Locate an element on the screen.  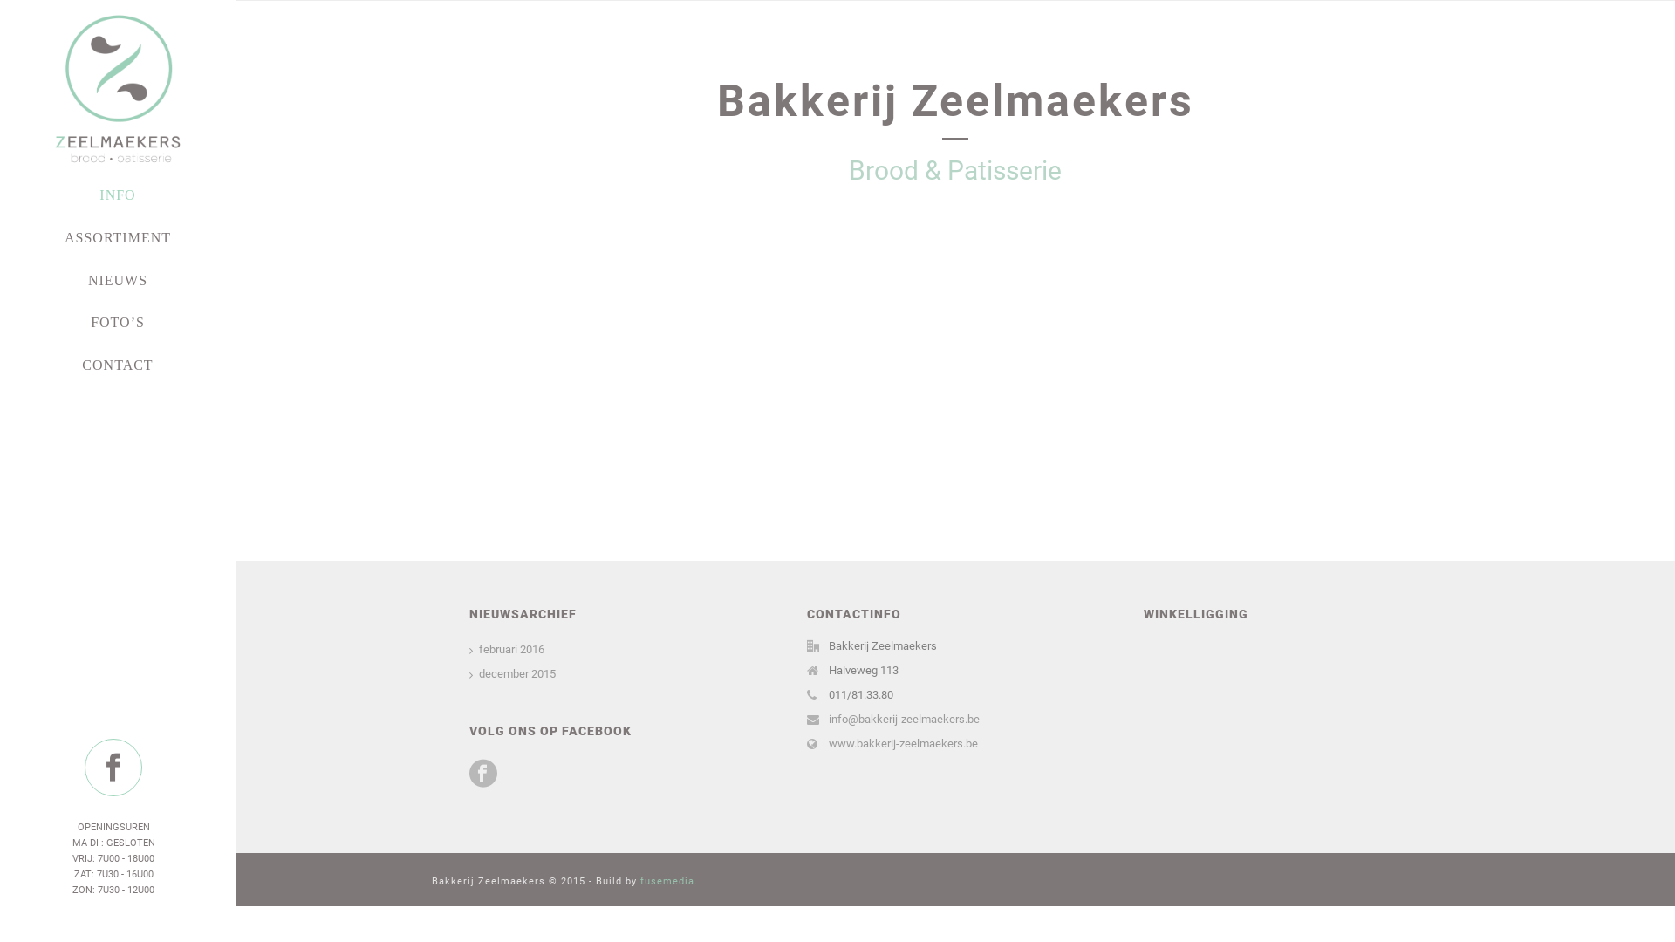
'info@bakkerij-zeelmaekers.be' is located at coordinates (904, 720).